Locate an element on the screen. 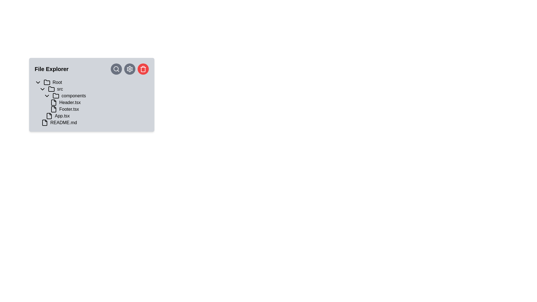 The width and height of the screenshot is (537, 302). the 'Root' folder icon in the File Explorer is located at coordinates (47, 82).